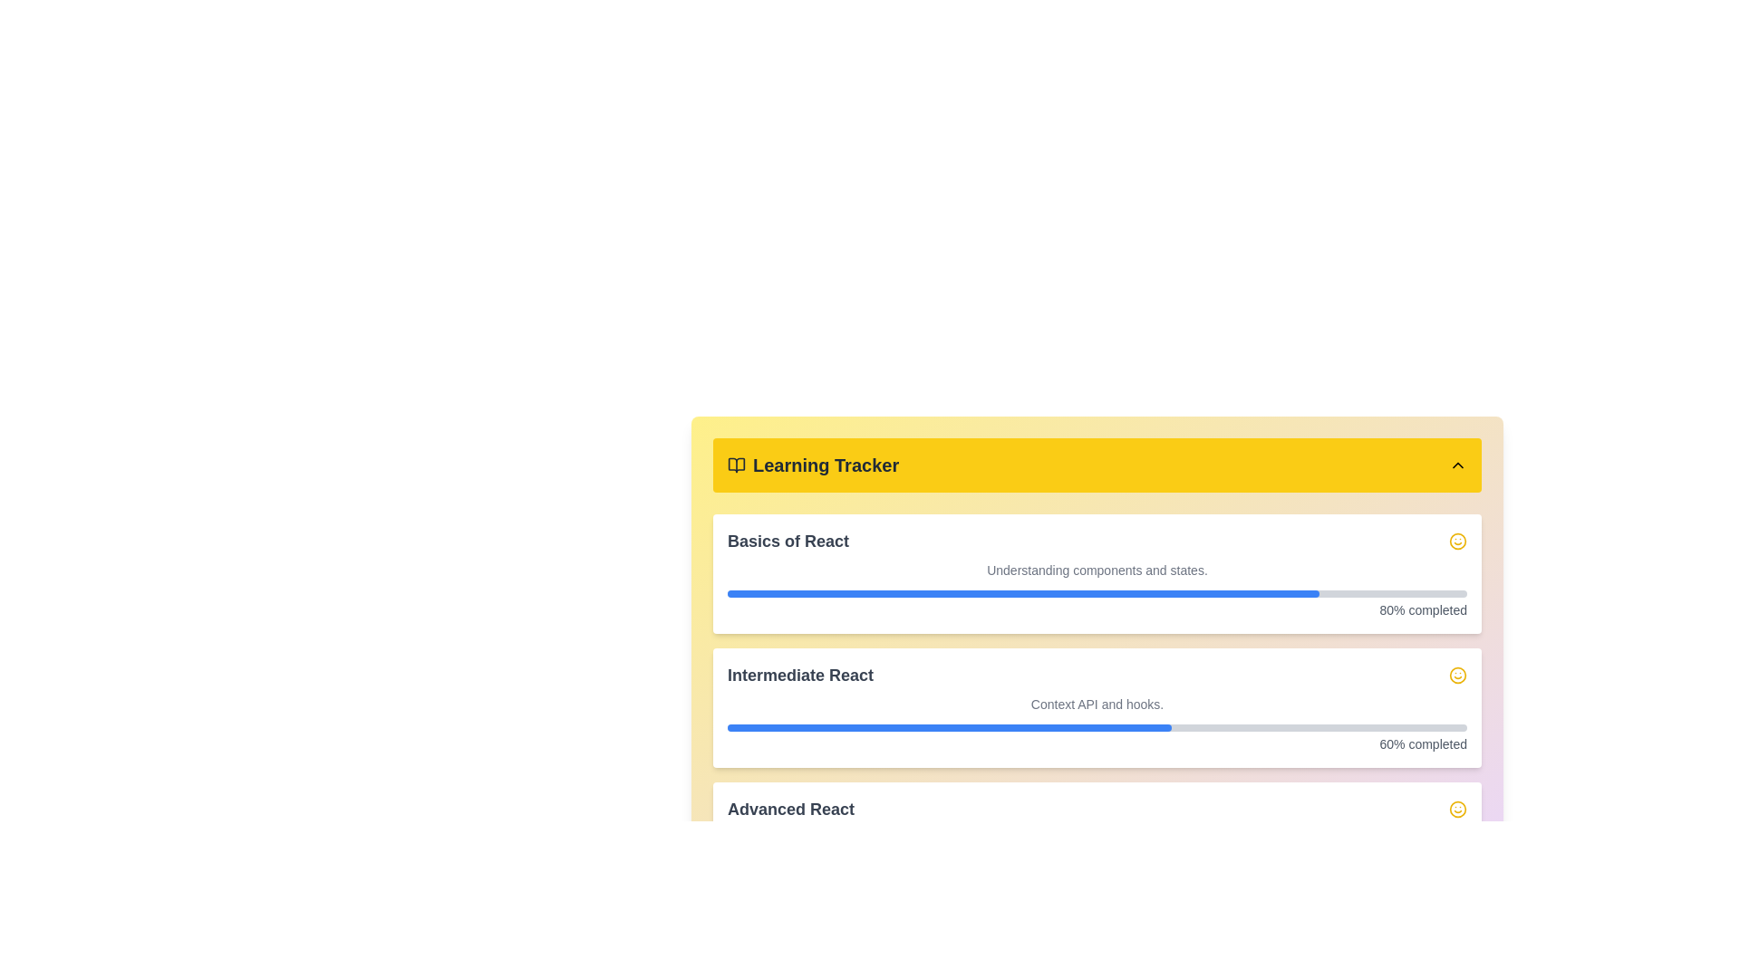 This screenshot has height=978, width=1740. I want to click on the blue progress indicator within the 'Intermediate React' section, which shows about 60% completion, so click(948, 726).